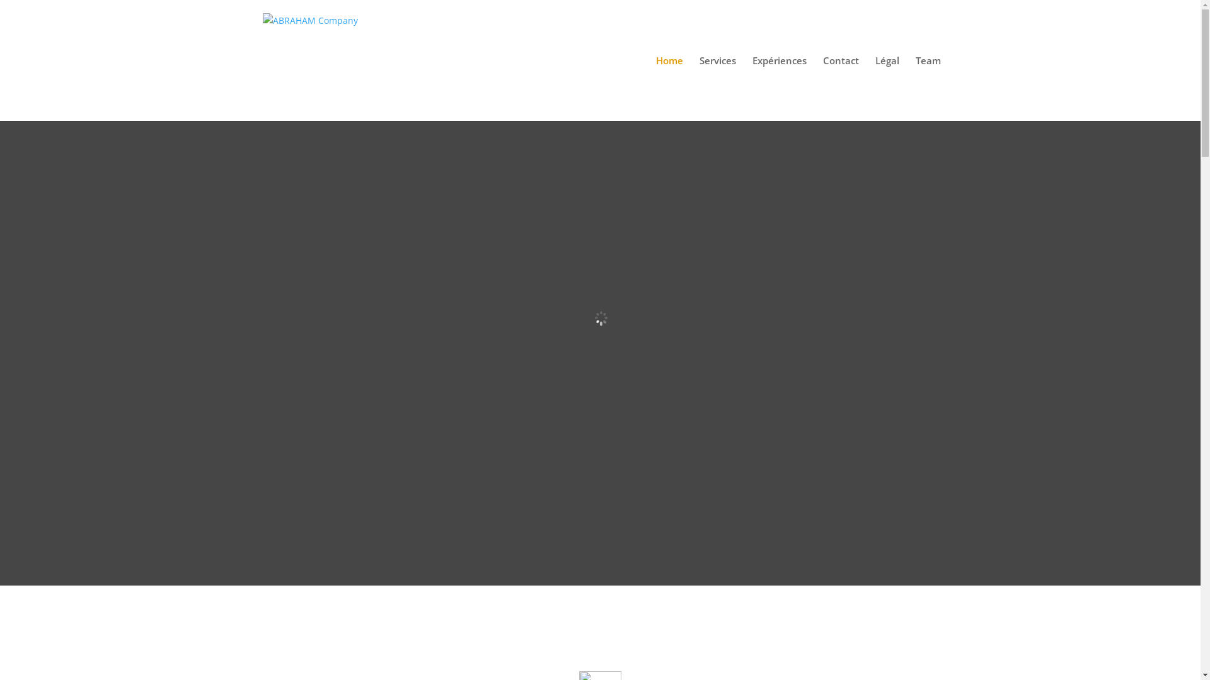 The image size is (1210, 680). I want to click on 'Contact', so click(841, 88).